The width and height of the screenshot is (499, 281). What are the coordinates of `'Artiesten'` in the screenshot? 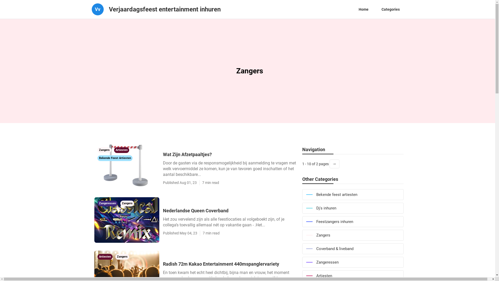 It's located at (105, 256).